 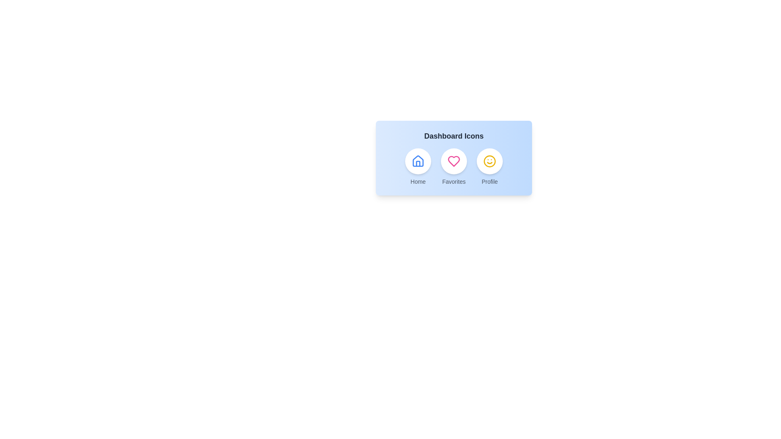 What do you see at coordinates (489, 161) in the screenshot?
I see `the smiley face icon, which is the third item in a horizontal row of three circular icons under the 'Profile' label` at bounding box center [489, 161].